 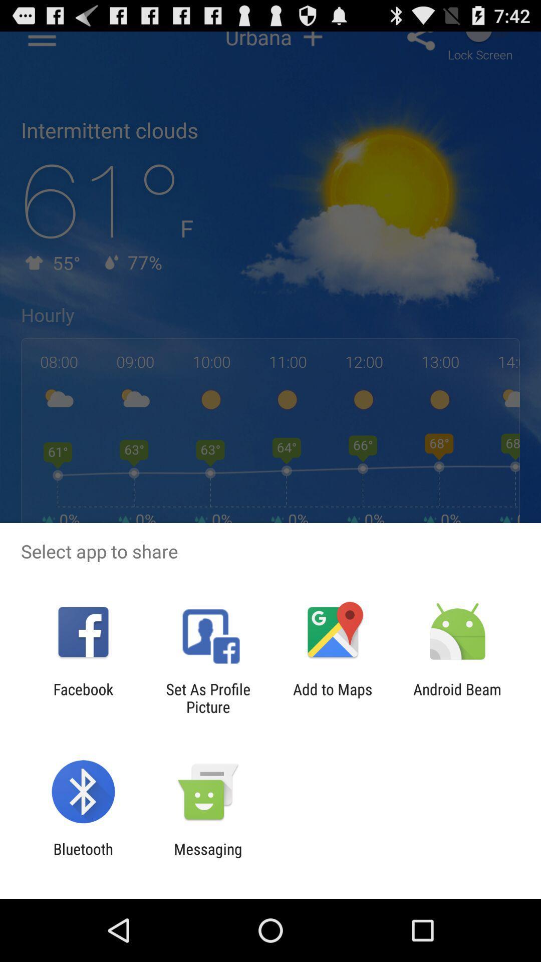 I want to click on android beam at the bottom right corner, so click(x=457, y=697).